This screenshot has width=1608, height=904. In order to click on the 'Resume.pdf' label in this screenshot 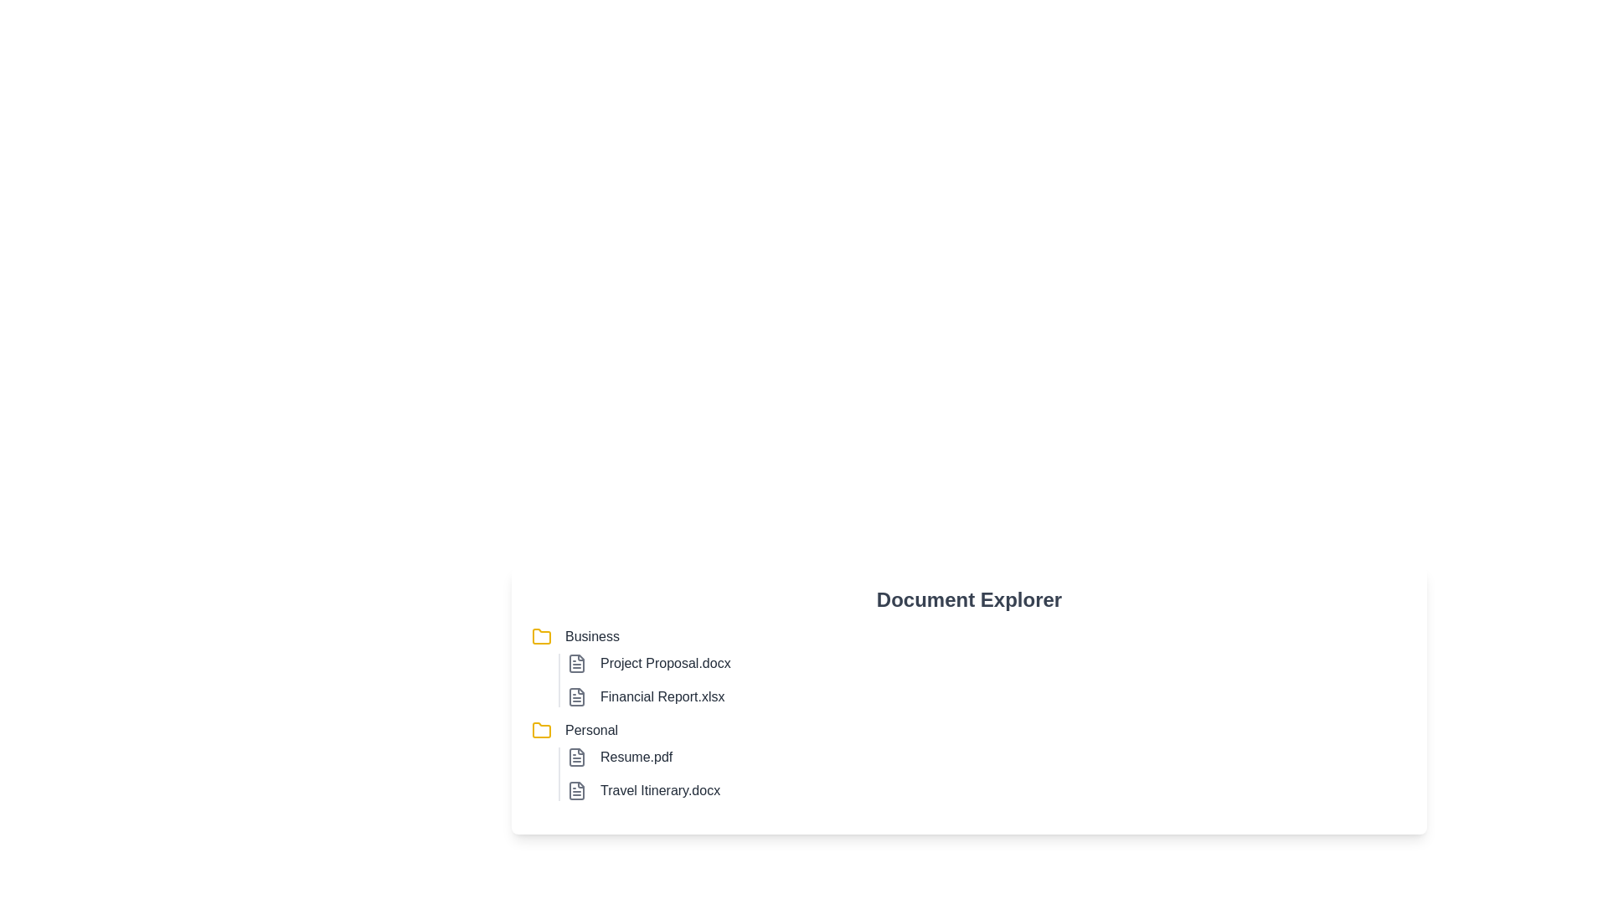, I will do `click(636, 758)`.